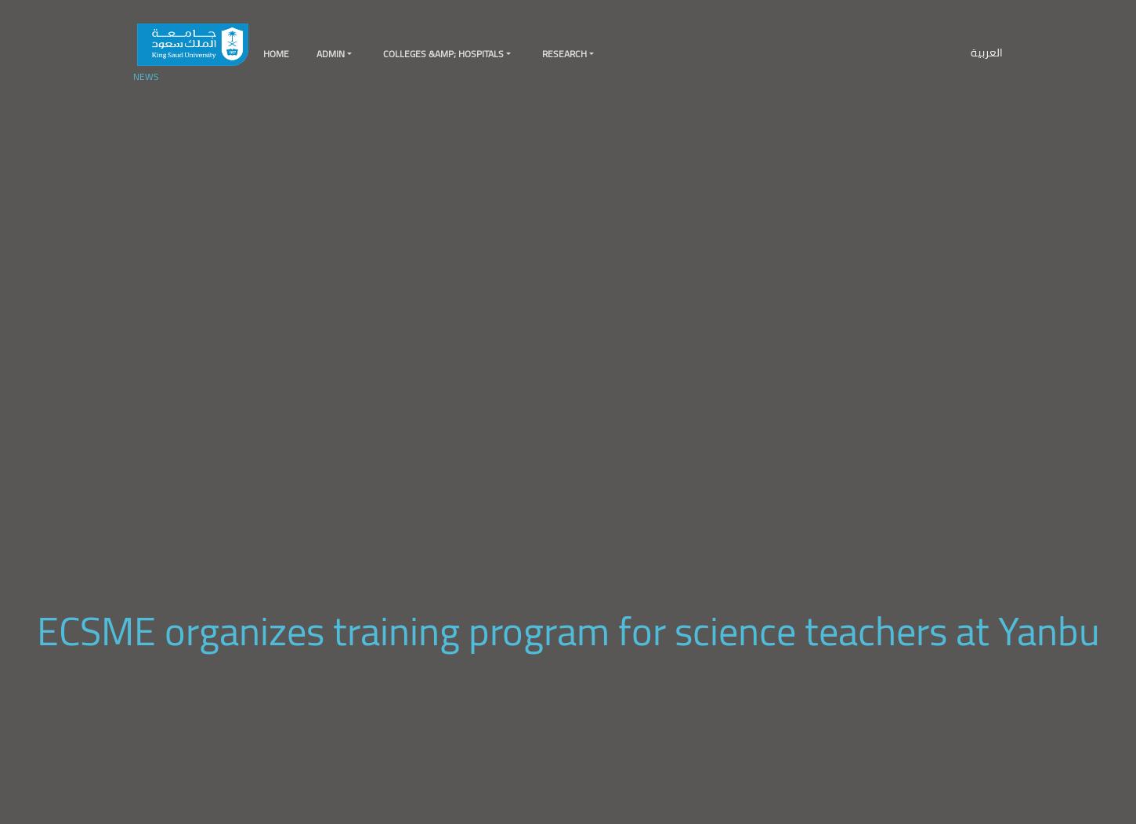  What do you see at coordinates (464, 96) in the screenshot?
I see `'data management office'` at bounding box center [464, 96].